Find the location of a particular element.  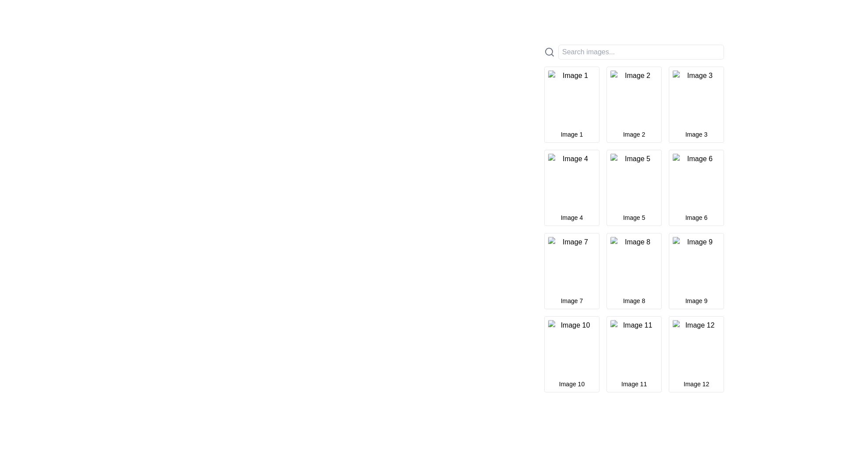

the static text element that serves as a label for the thumbnail image 'Image 5', located in the fifth item of the grid layout, specifically under the image and in the second column of the second row is located at coordinates (634, 217).